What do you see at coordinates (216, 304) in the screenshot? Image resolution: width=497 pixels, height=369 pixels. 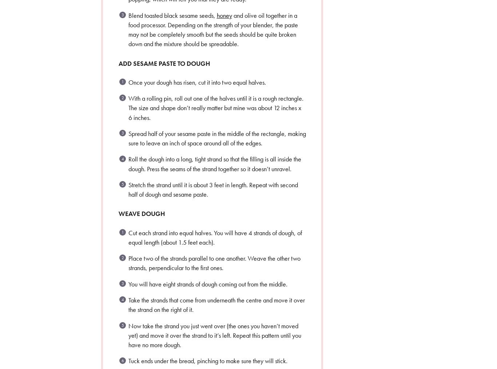 I see `'Take the strands that come from underneath the centre and move it over the strand on the right of it.'` at bounding box center [216, 304].